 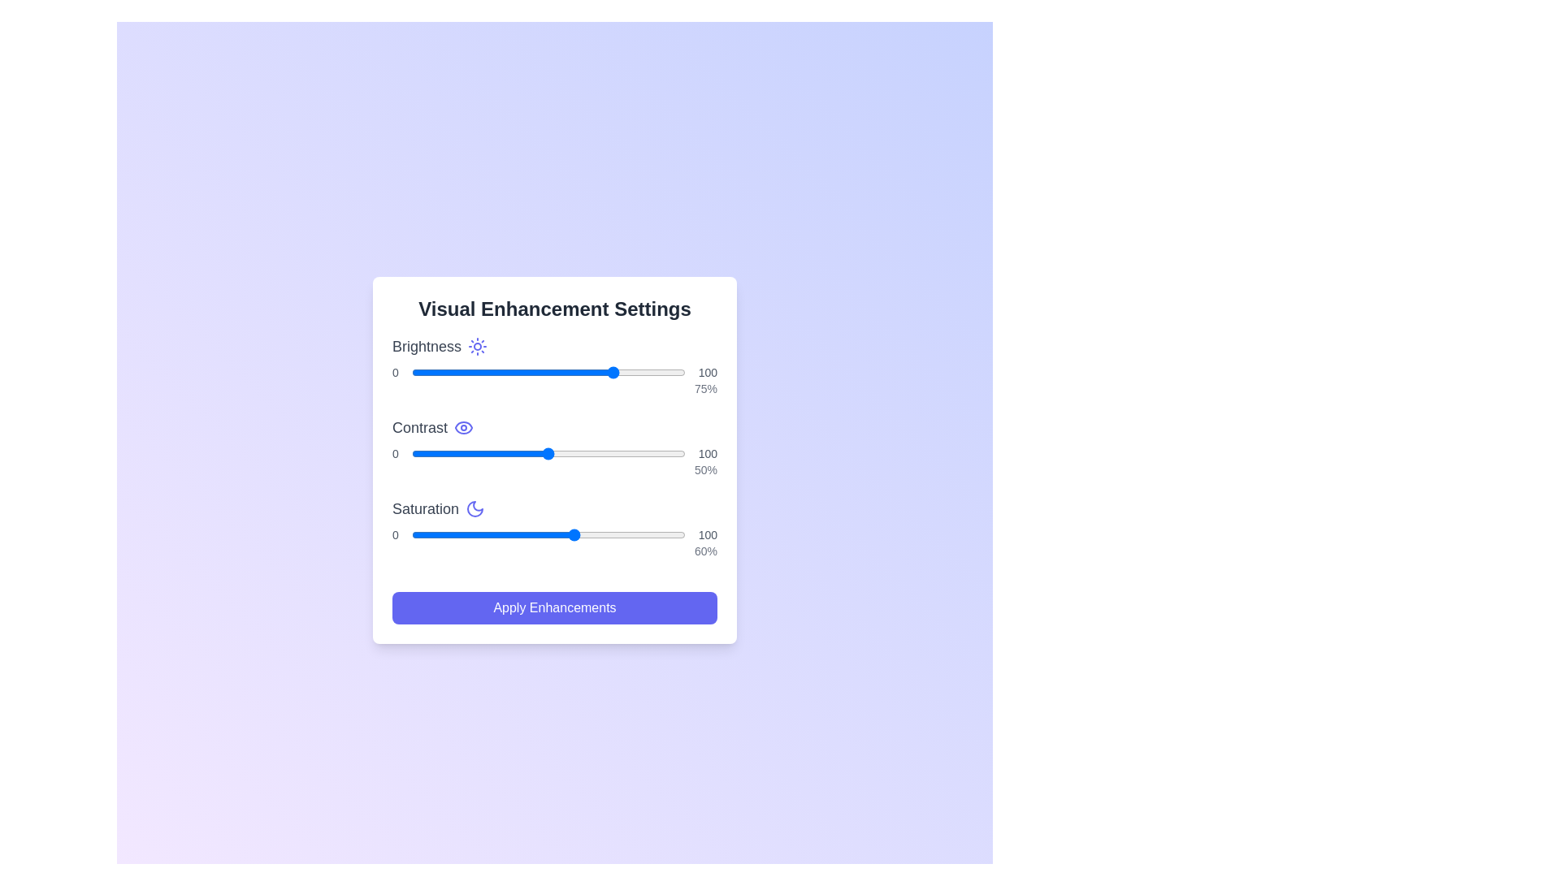 What do you see at coordinates (526, 454) in the screenshot?
I see `the contrast slider to set the contrast to 42%` at bounding box center [526, 454].